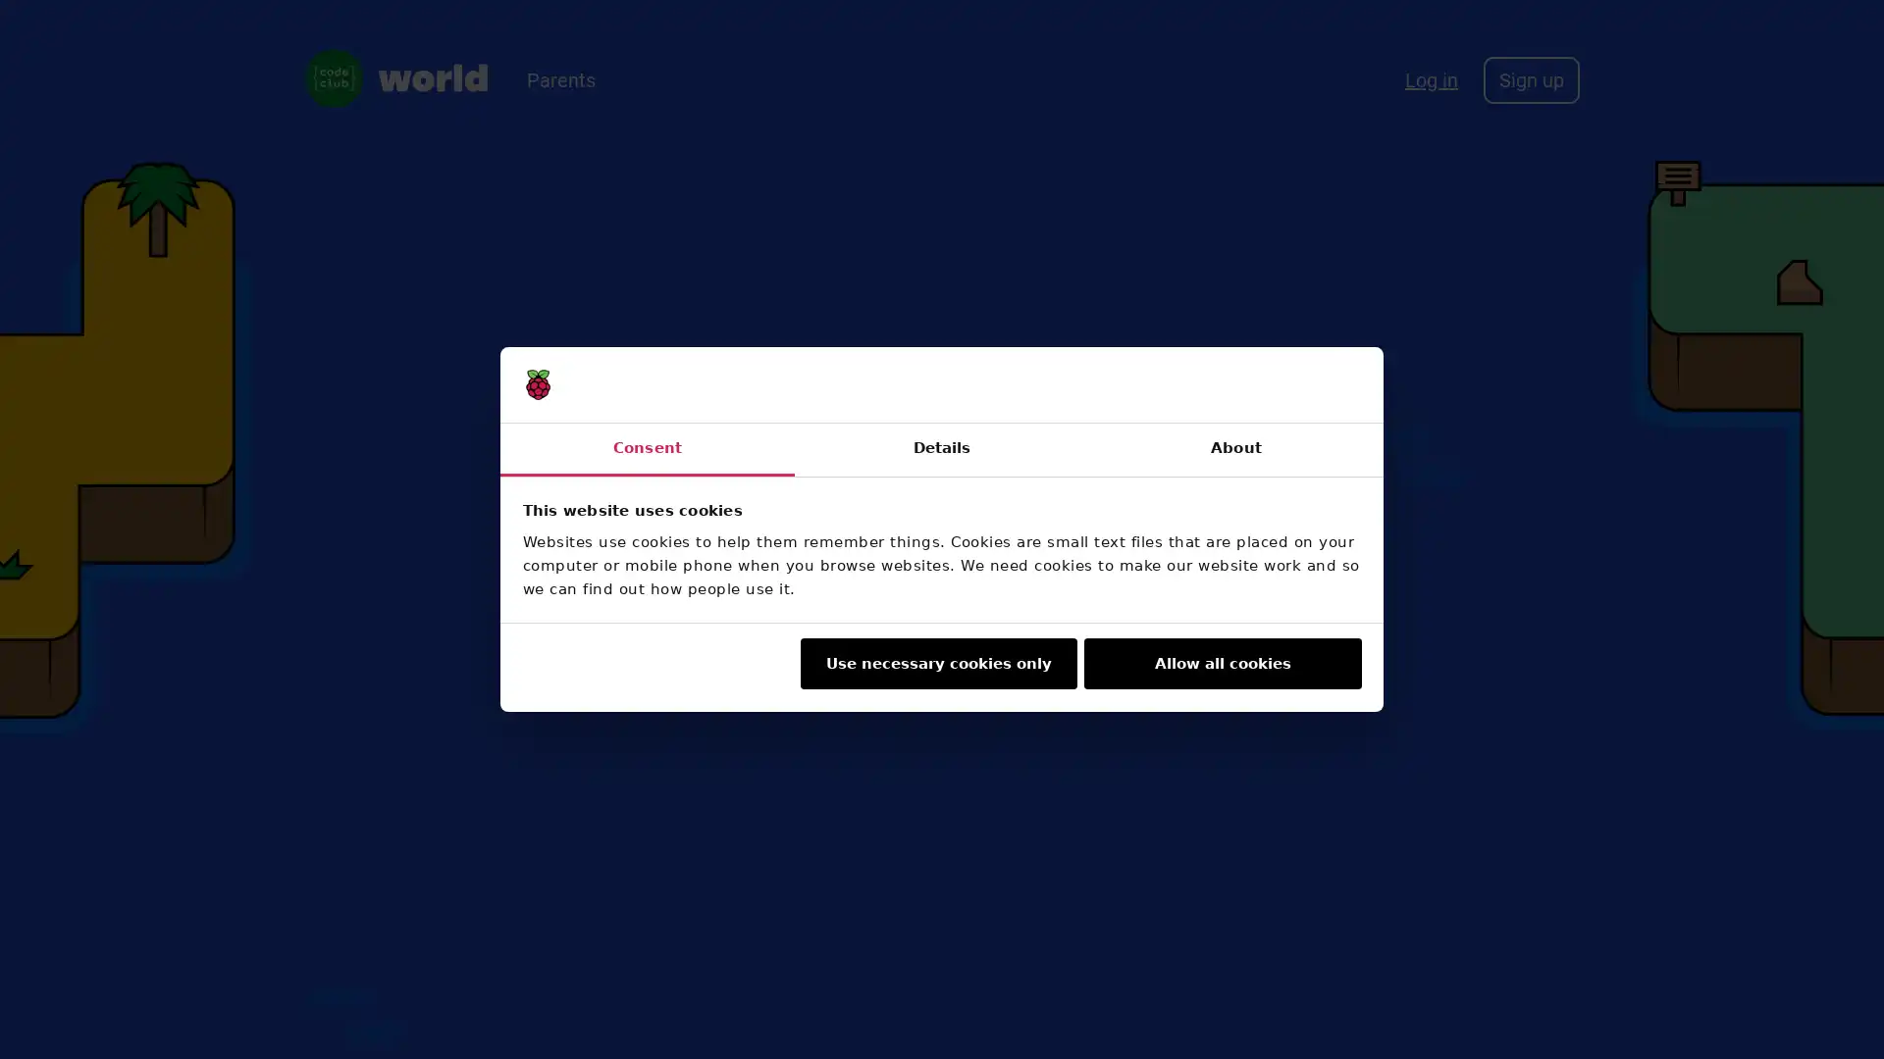 Image resolution: width=1884 pixels, height=1059 pixels. Describe the element at coordinates (1432, 78) in the screenshot. I see `Log in` at that location.